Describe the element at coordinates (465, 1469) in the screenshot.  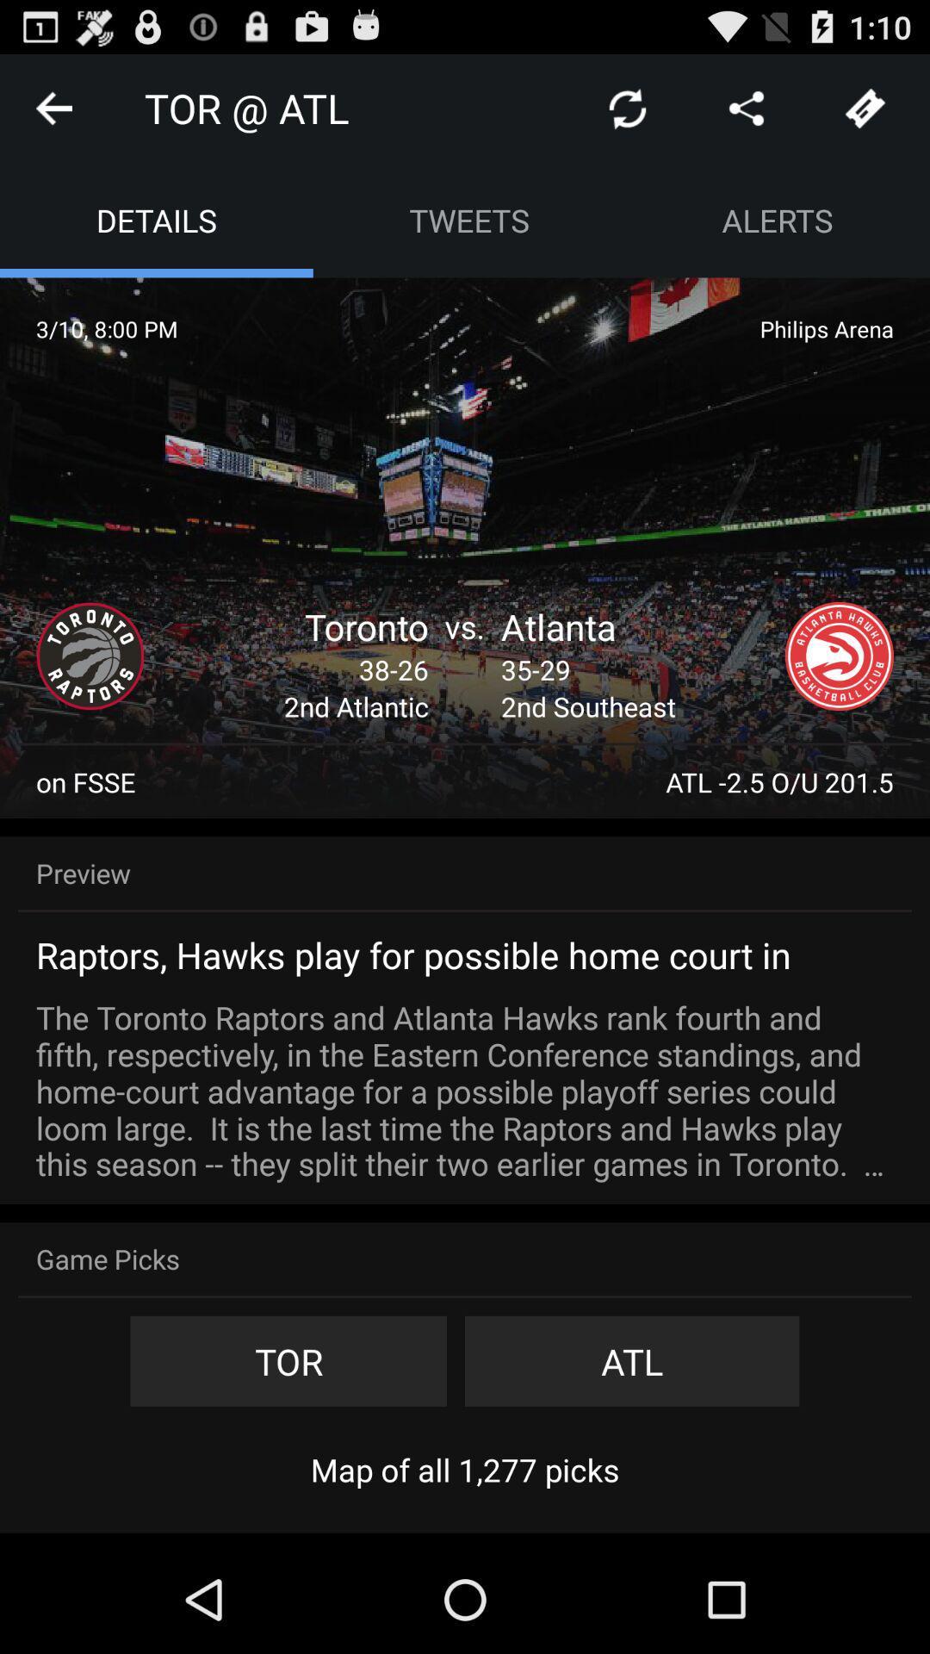
I see `map of all item` at that location.